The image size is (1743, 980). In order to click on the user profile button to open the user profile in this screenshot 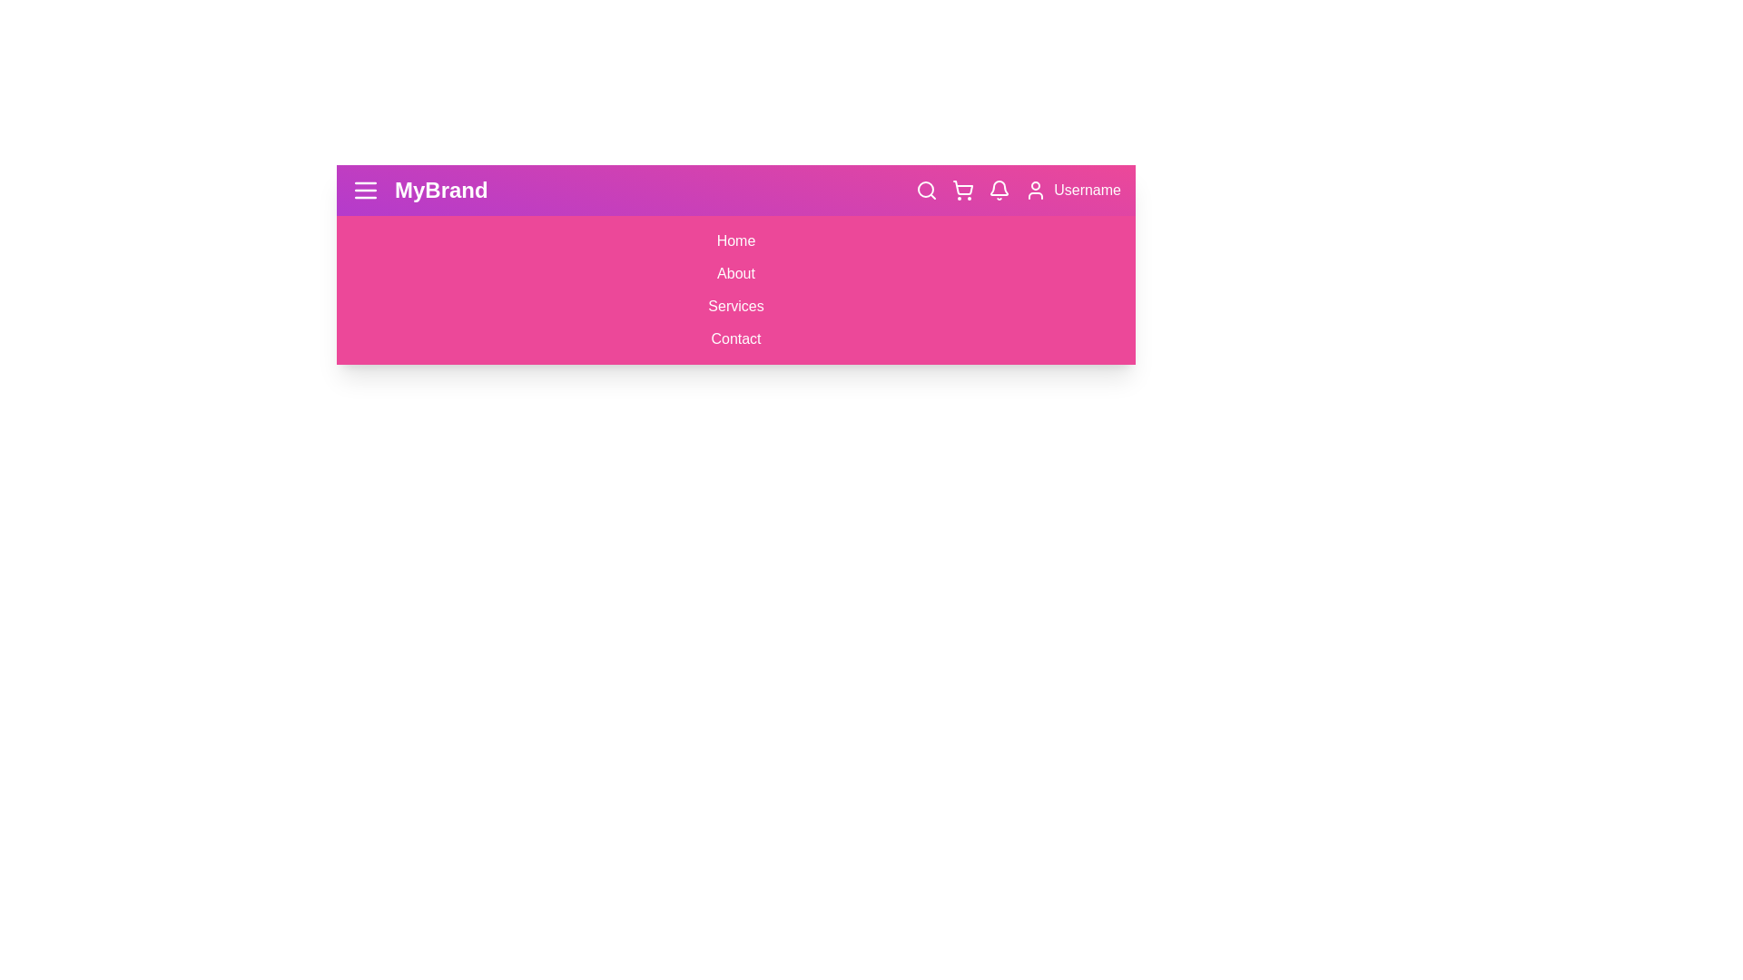, I will do `click(1072, 190)`.